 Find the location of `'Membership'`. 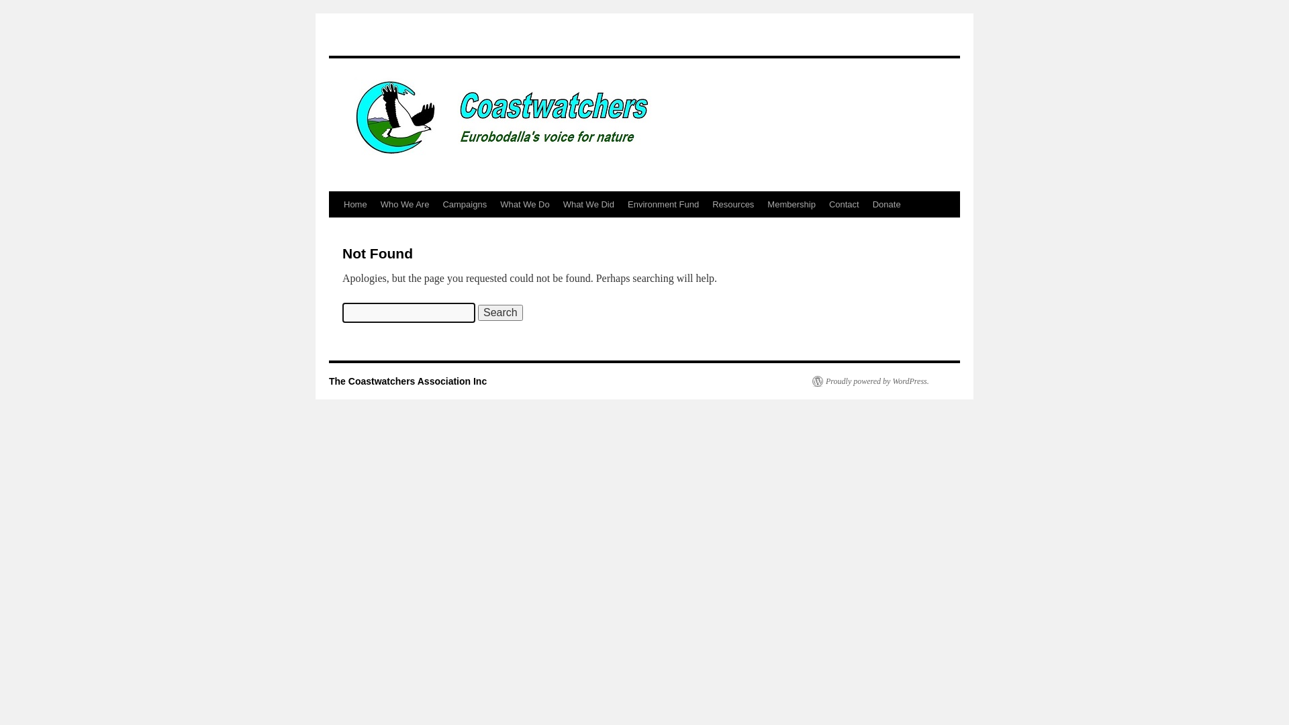

'Membership' is located at coordinates (792, 204).